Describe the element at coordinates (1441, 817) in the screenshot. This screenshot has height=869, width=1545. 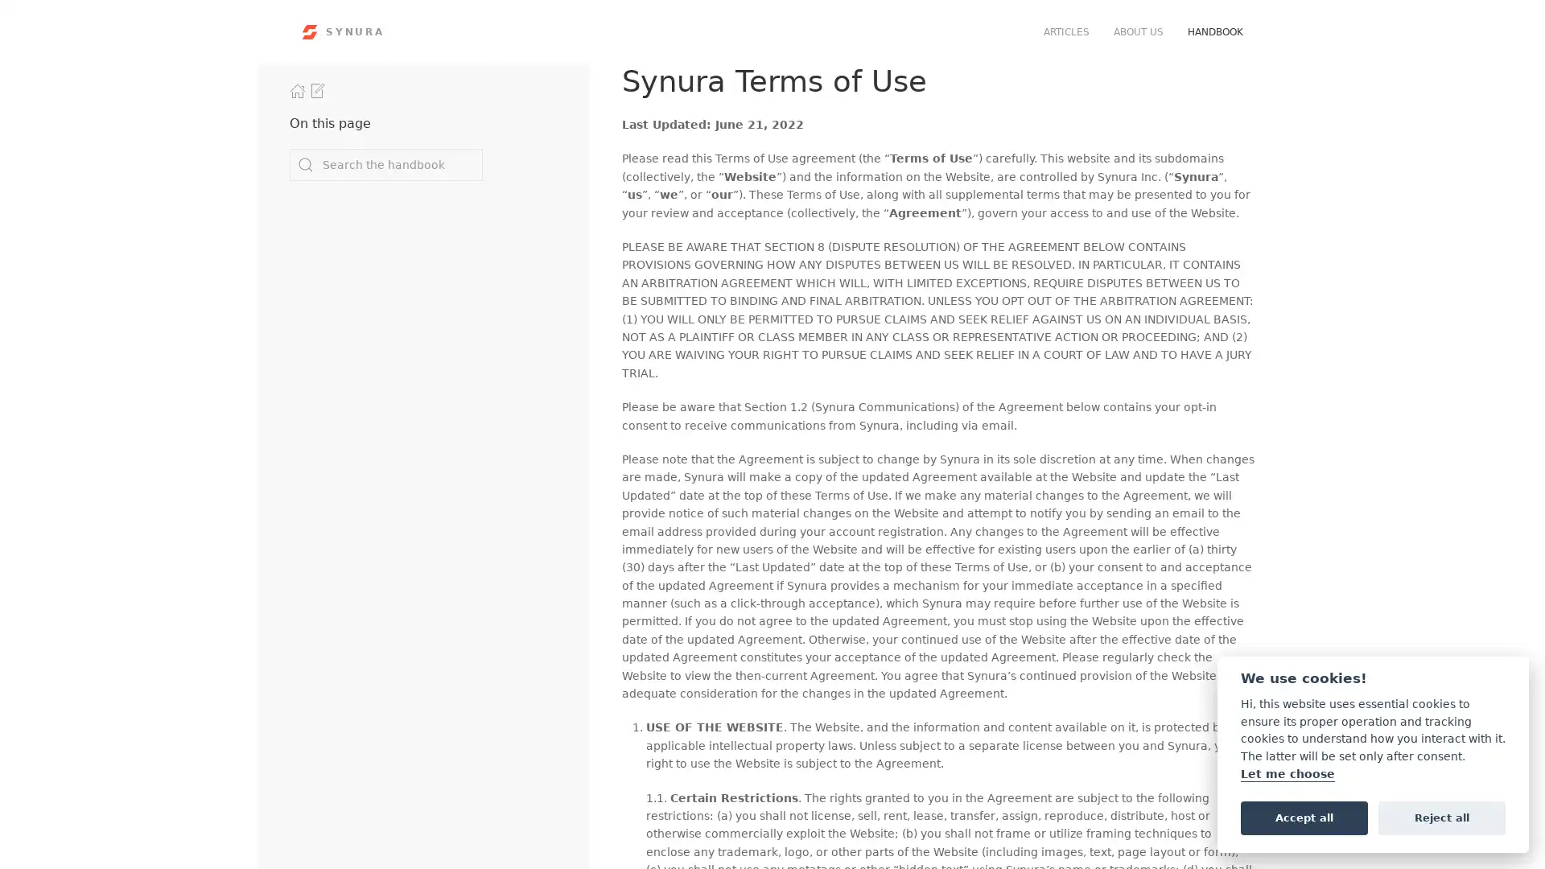
I see `Reject all` at that location.